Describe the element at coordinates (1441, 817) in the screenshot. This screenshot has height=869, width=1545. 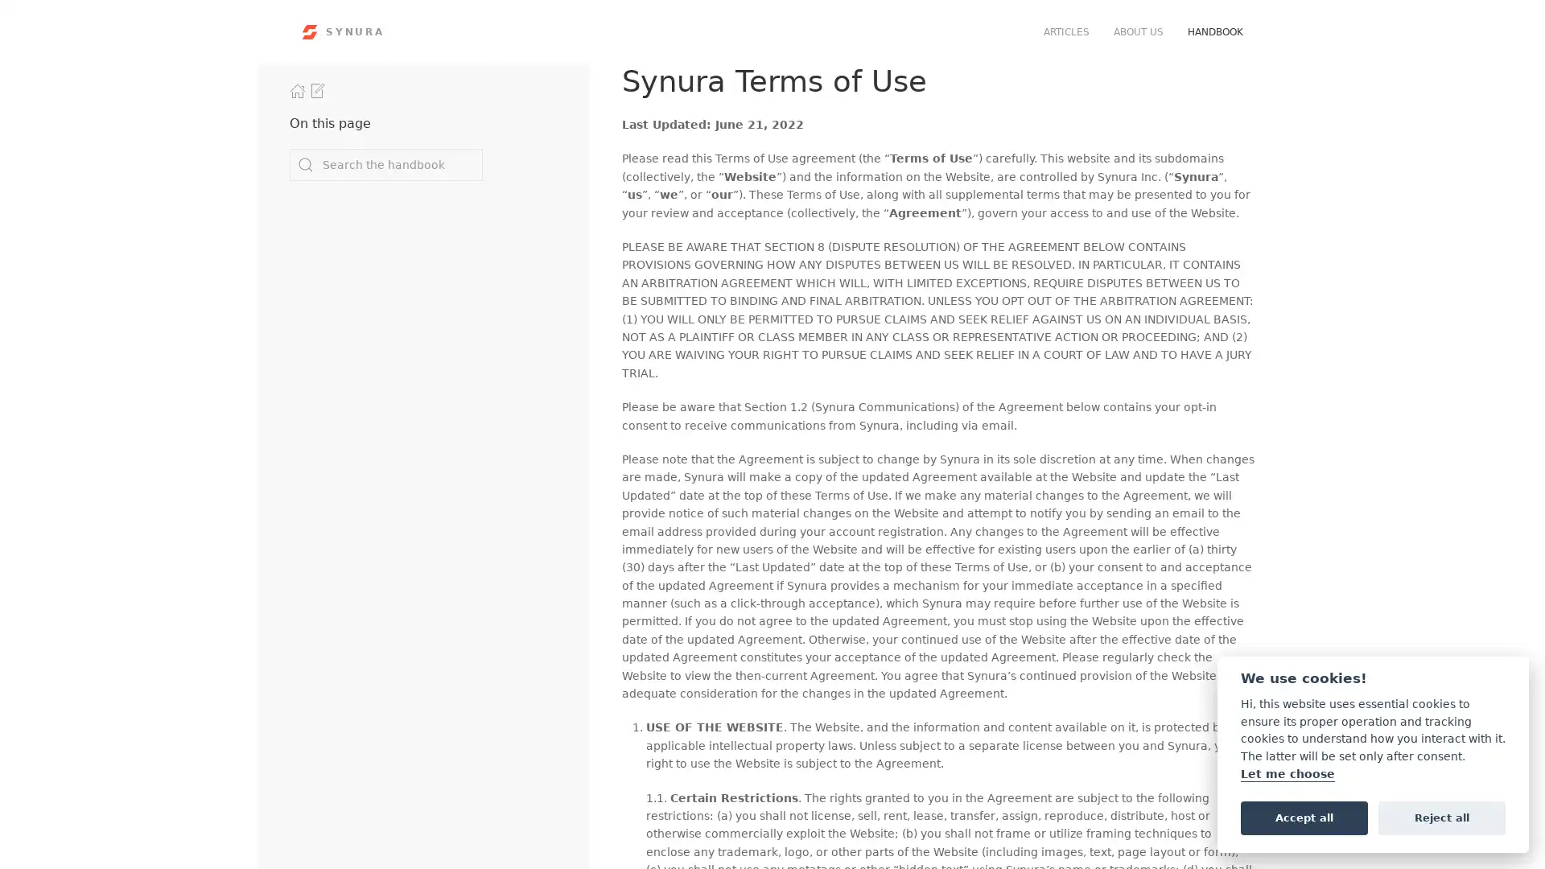
I see `Reject all` at that location.